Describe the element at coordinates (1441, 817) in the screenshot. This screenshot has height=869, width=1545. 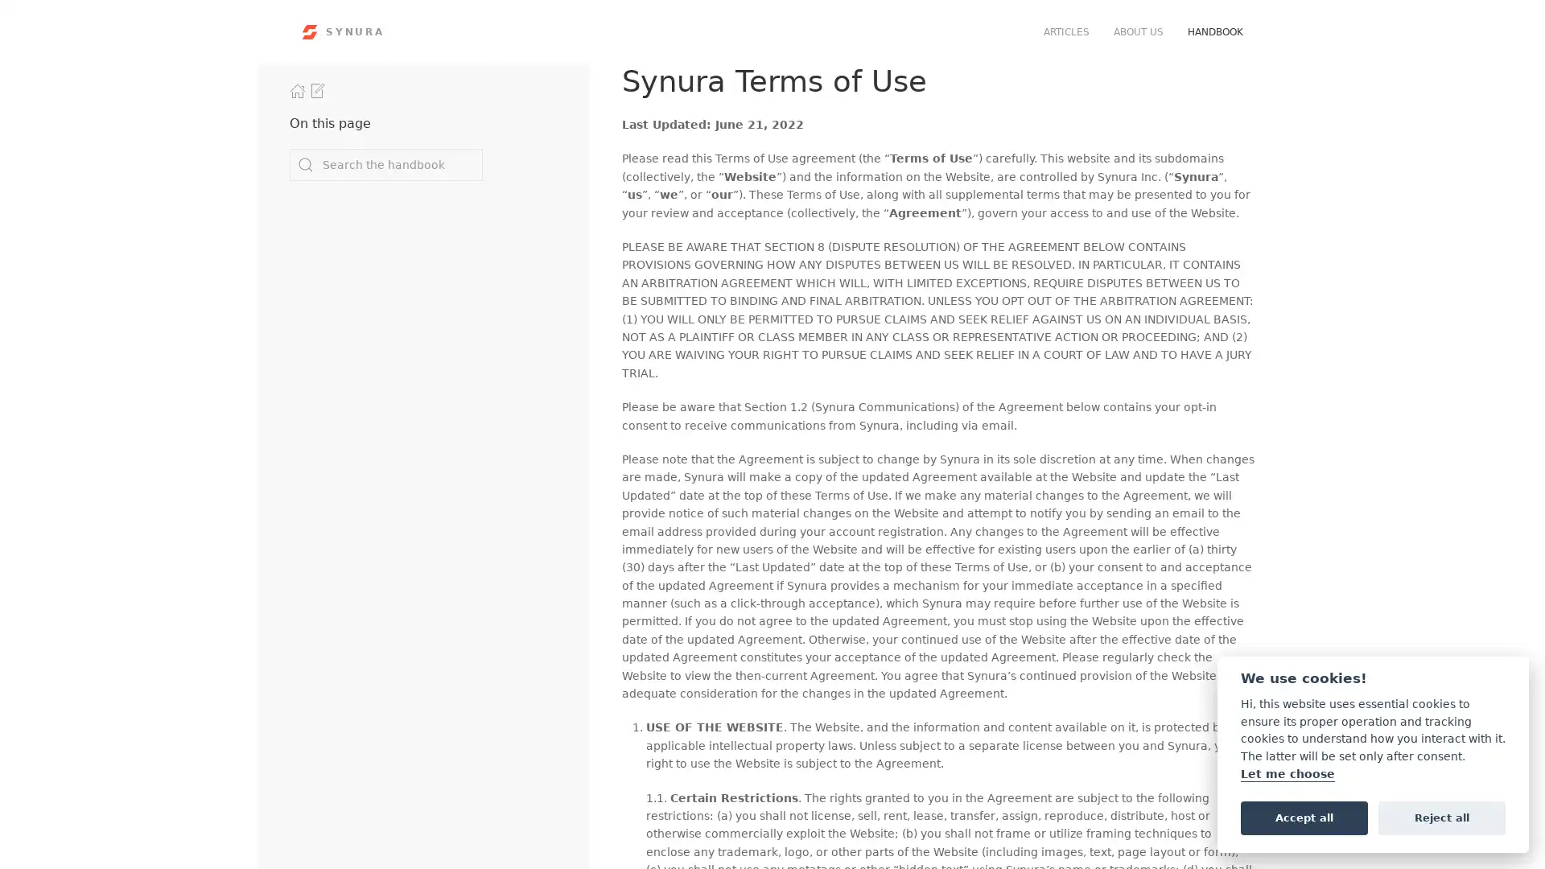
I see `Reject all` at that location.